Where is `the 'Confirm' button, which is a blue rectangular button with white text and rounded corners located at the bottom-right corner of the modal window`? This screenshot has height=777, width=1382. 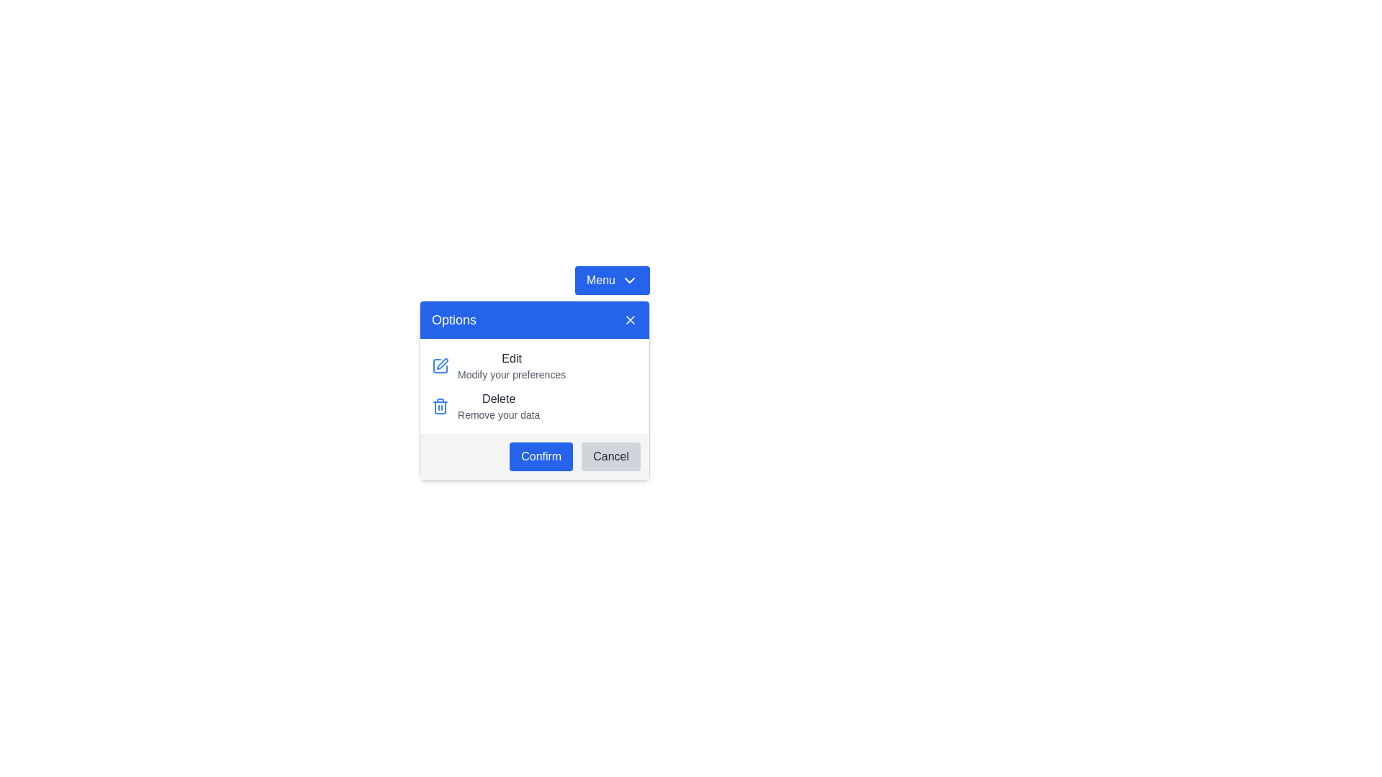 the 'Confirm' button, which is a blue rectangular button with white text and rounded corners located at the bottom-right corner of the modal window is located at coordinates (541, 457).